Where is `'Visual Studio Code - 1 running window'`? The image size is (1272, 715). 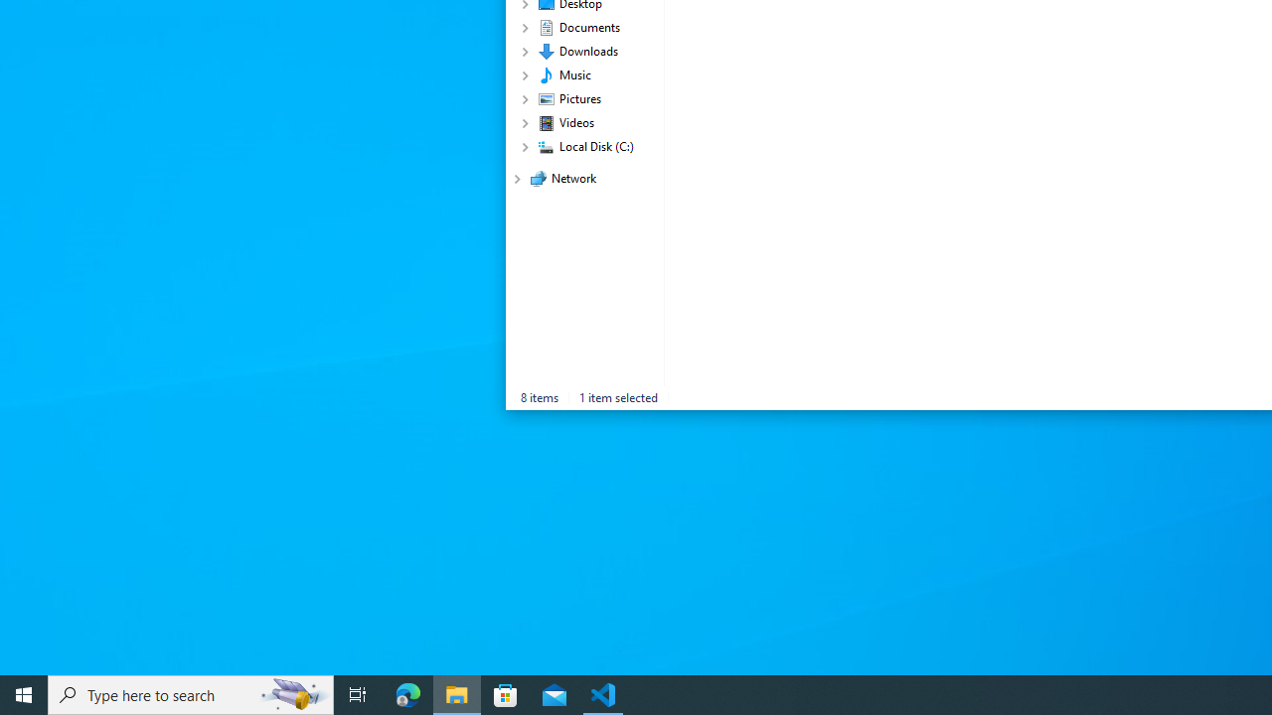 'Visual Studio Code - 1 running window' is located at coordinates (602, 693).